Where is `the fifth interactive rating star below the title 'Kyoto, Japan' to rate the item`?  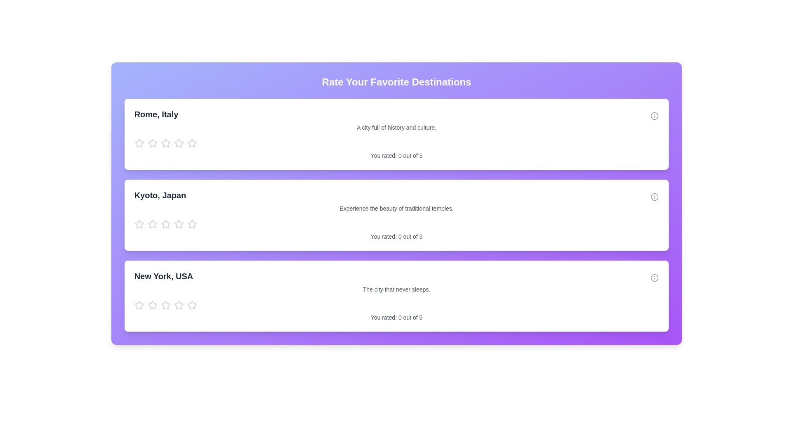
the fifth interactive rating star below the title 'Kyoto, Japan' to rate the item is located at coordinates (191, 224).